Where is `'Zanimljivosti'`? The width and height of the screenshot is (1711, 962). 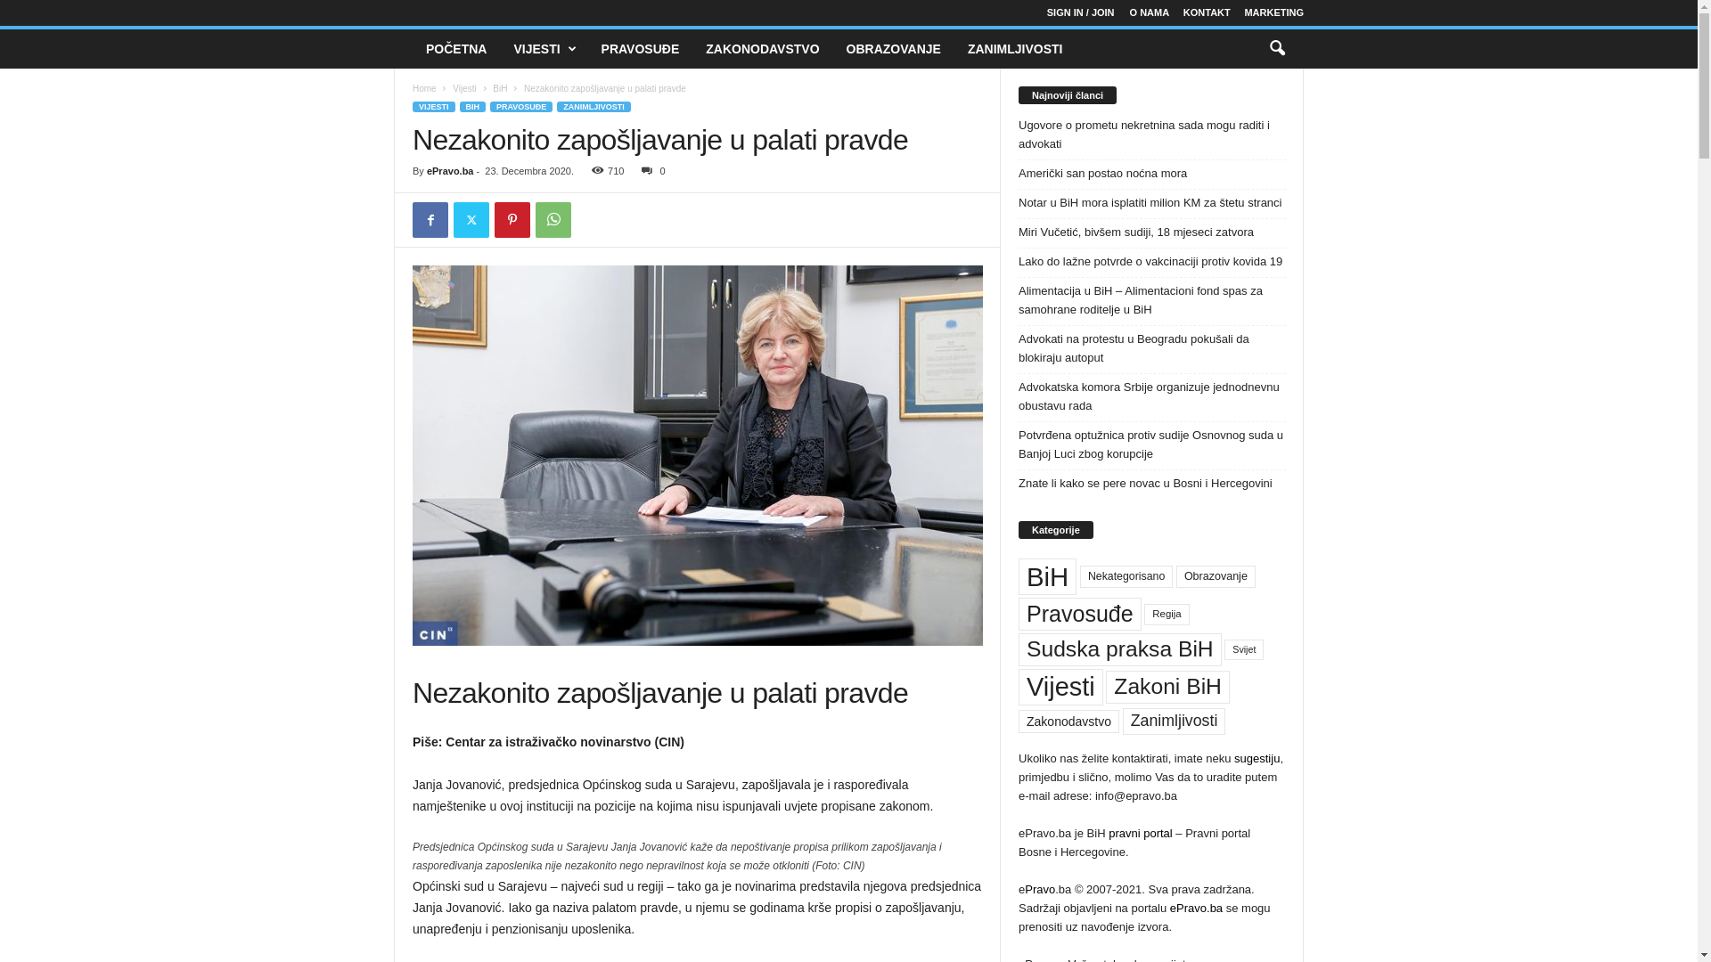 'Zanimljivosti' is located at coordinates (1175, 721).